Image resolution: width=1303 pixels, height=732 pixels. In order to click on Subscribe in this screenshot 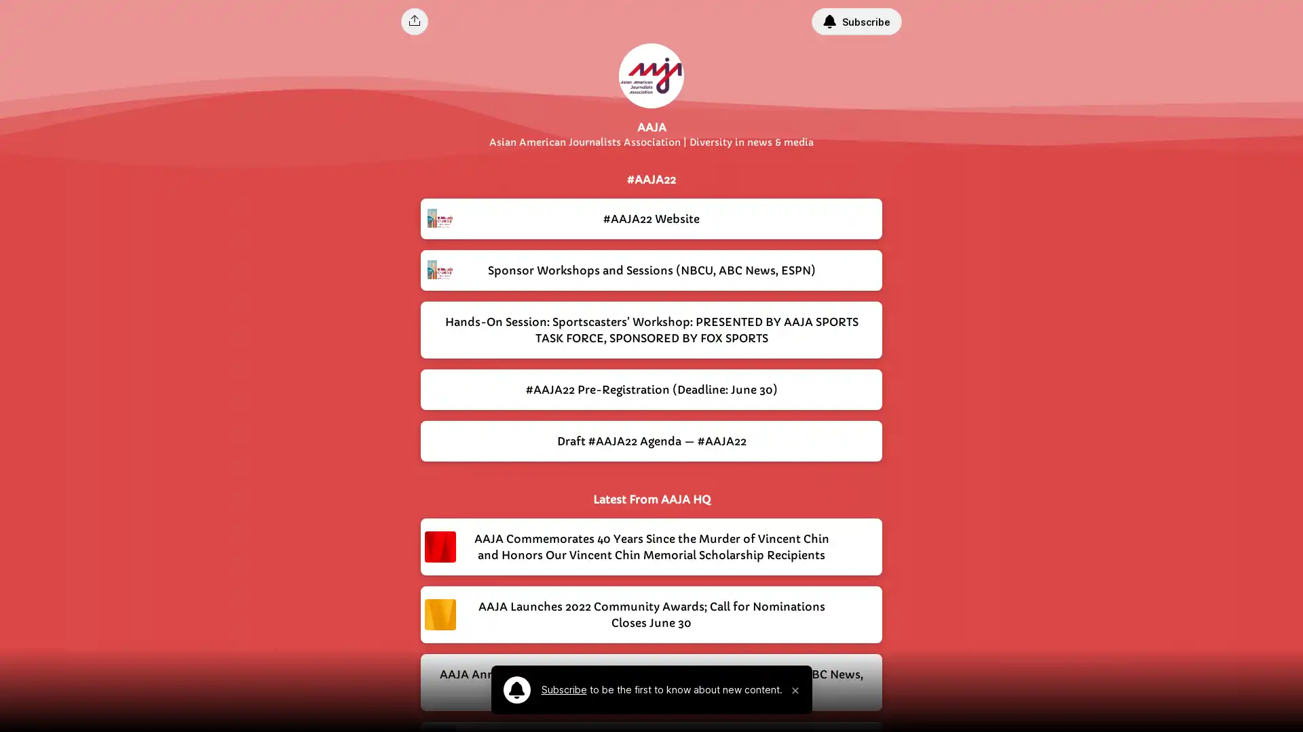, I will do `click(856, 21)`.